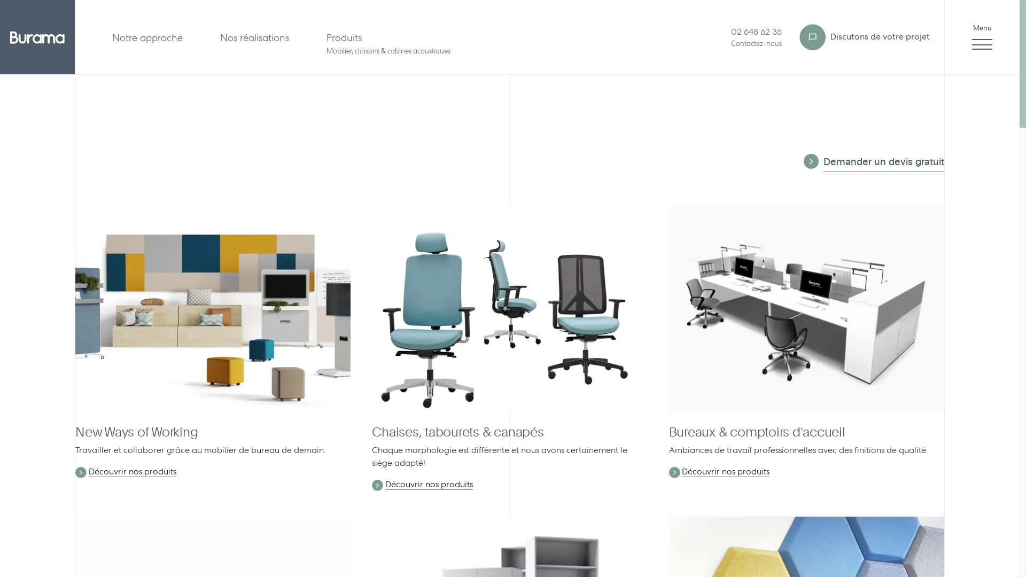 The image size is (1026, 577). Describe the element at coordinates (863, 36) in the screenshot. I see `'Discutons de votre projet'` at that location.